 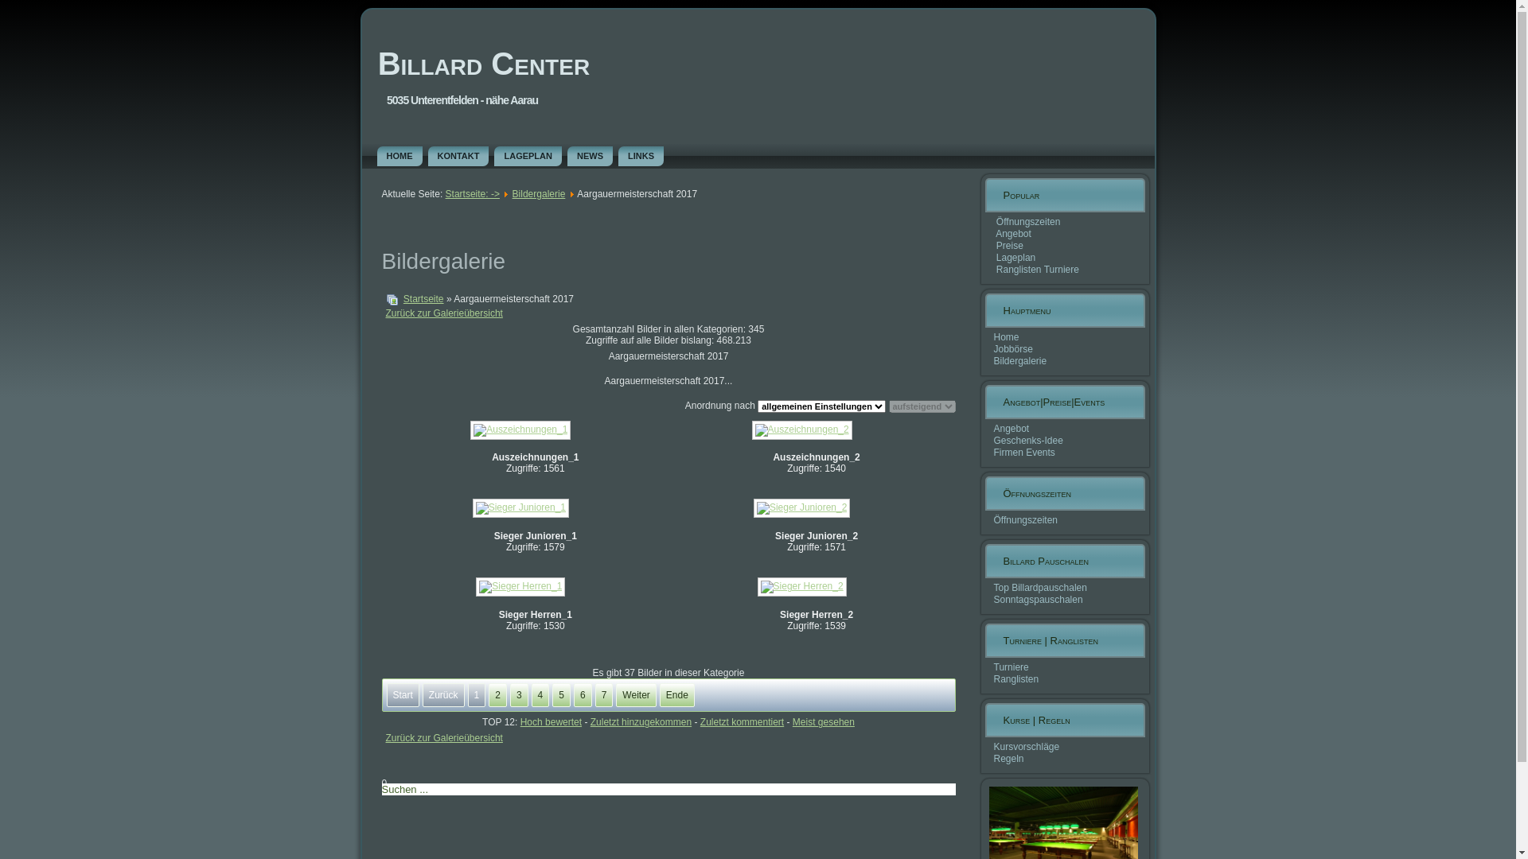 What do you see at coordinates (1038, 599) in the screenshot?
I see `'Sonntagspauschalen'` at bounding box center [1038, 599].